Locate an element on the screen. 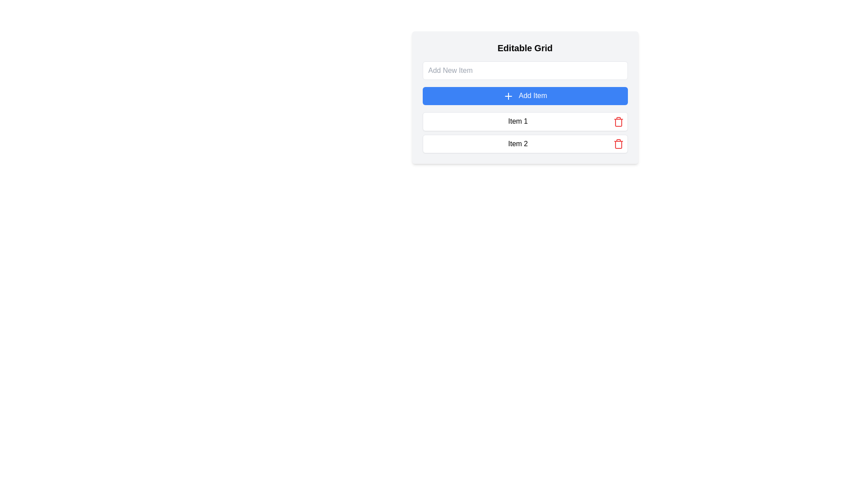  the text label representing 'Item 1', which is positioned to the left of the trash icon and above 'Item 2' is located at coordinates (518, 121).